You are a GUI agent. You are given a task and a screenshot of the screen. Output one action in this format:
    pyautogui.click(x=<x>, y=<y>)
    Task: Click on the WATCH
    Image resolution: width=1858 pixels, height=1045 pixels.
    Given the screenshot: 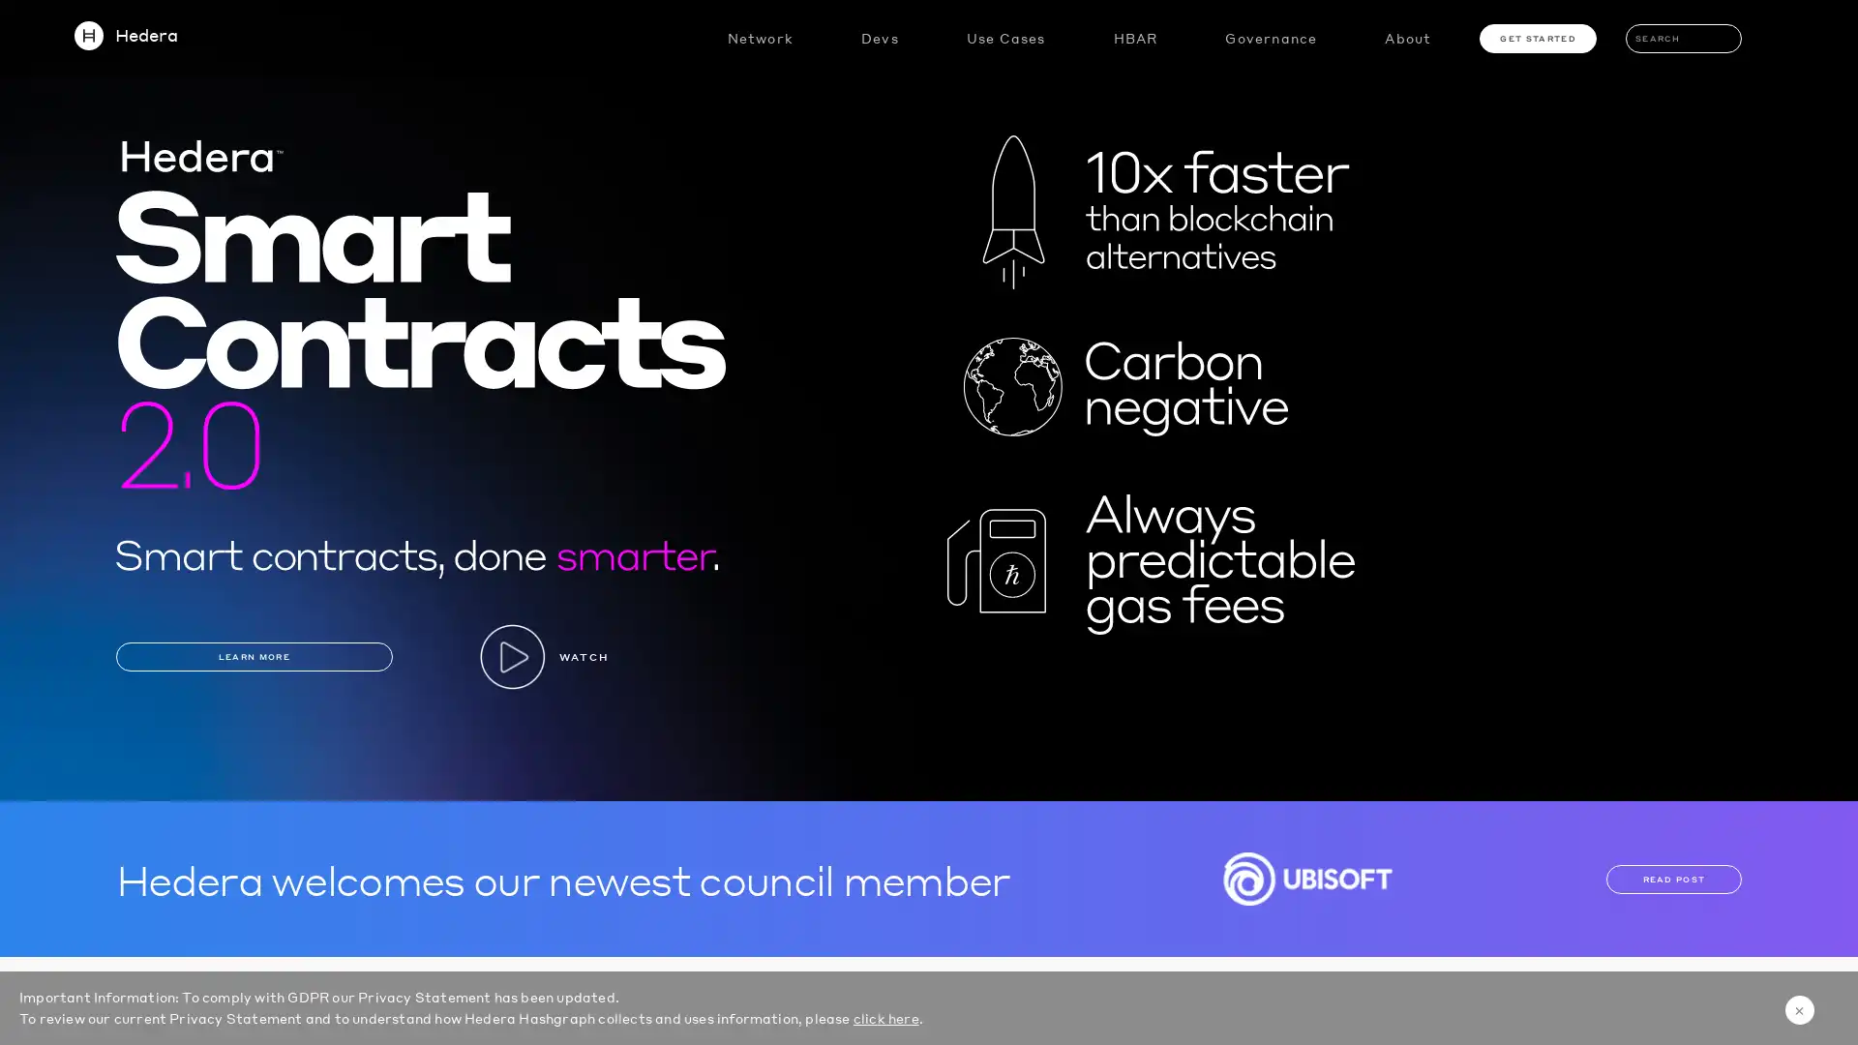 What is the action you would take?
    pyautogui.click(x=542, y=655)
    